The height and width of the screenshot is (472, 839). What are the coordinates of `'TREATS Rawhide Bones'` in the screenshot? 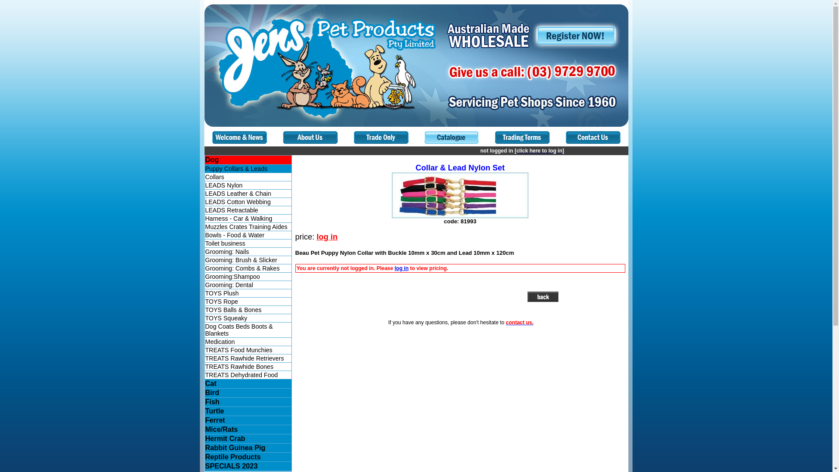 It's located at (239, 367).